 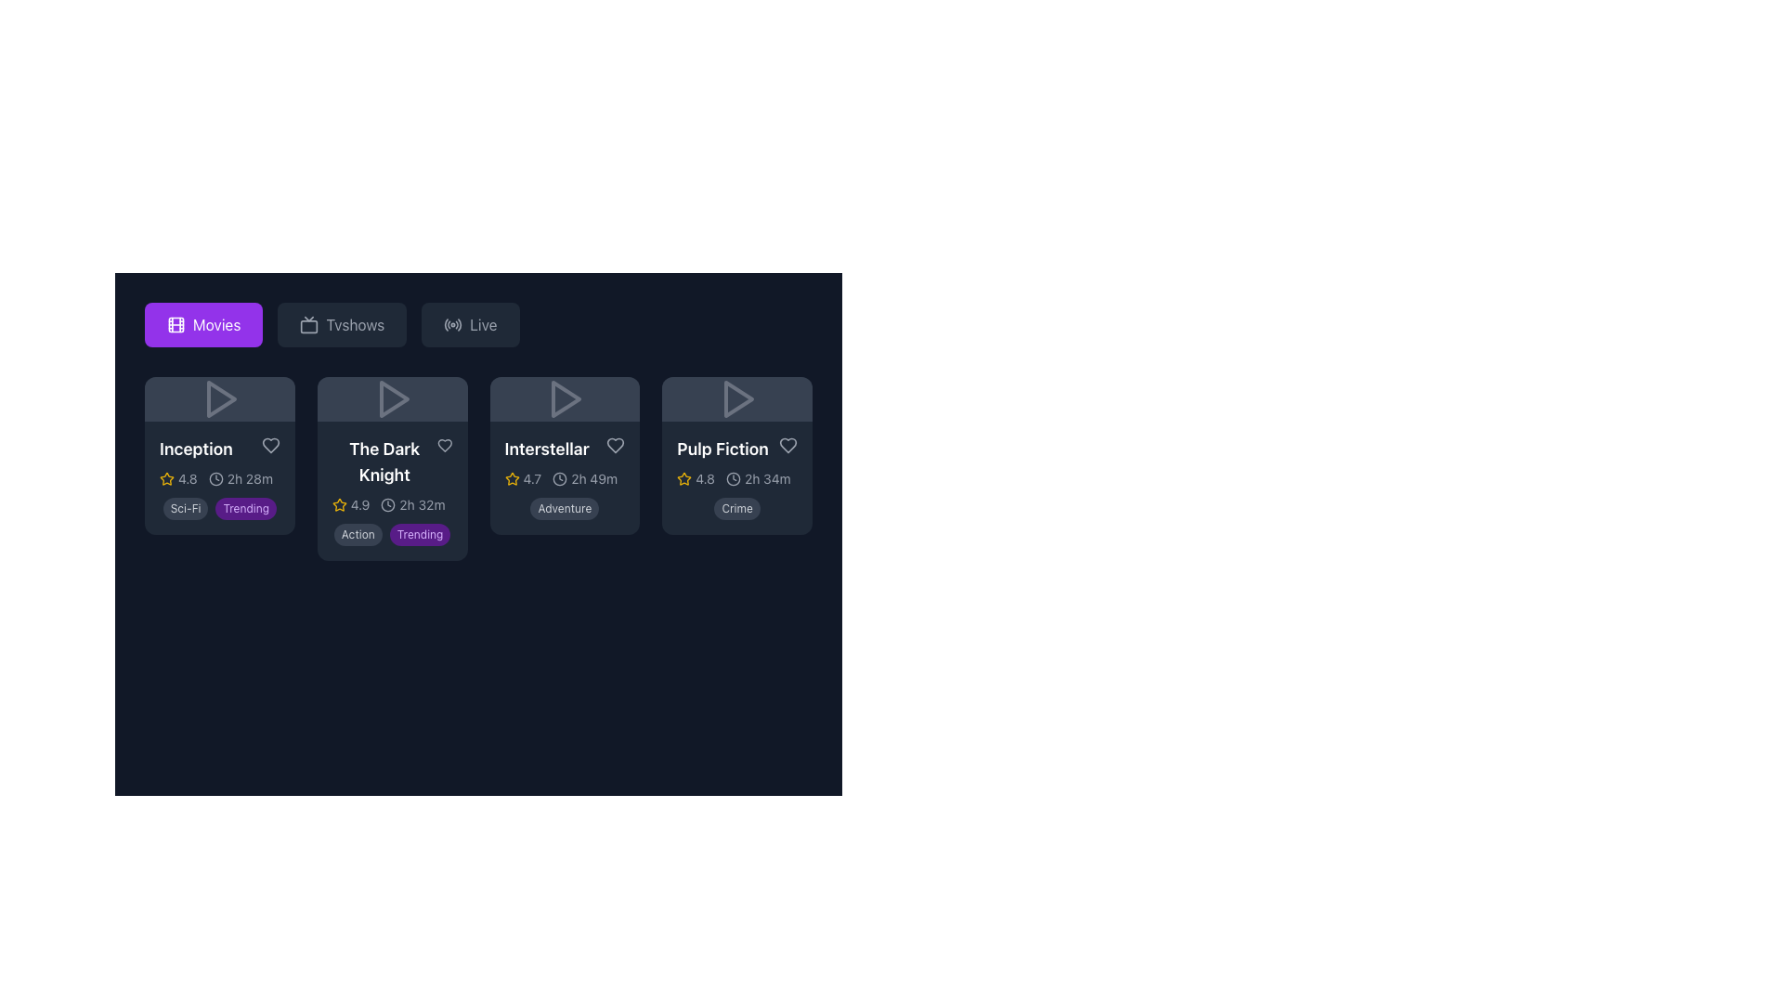 What do you see at coordinates (419, 534) in the screenshot?
I see `the 'Trending' badge with a purple background located below the movie information for 'The Dark Knight'` at bounding box center [419, 534].